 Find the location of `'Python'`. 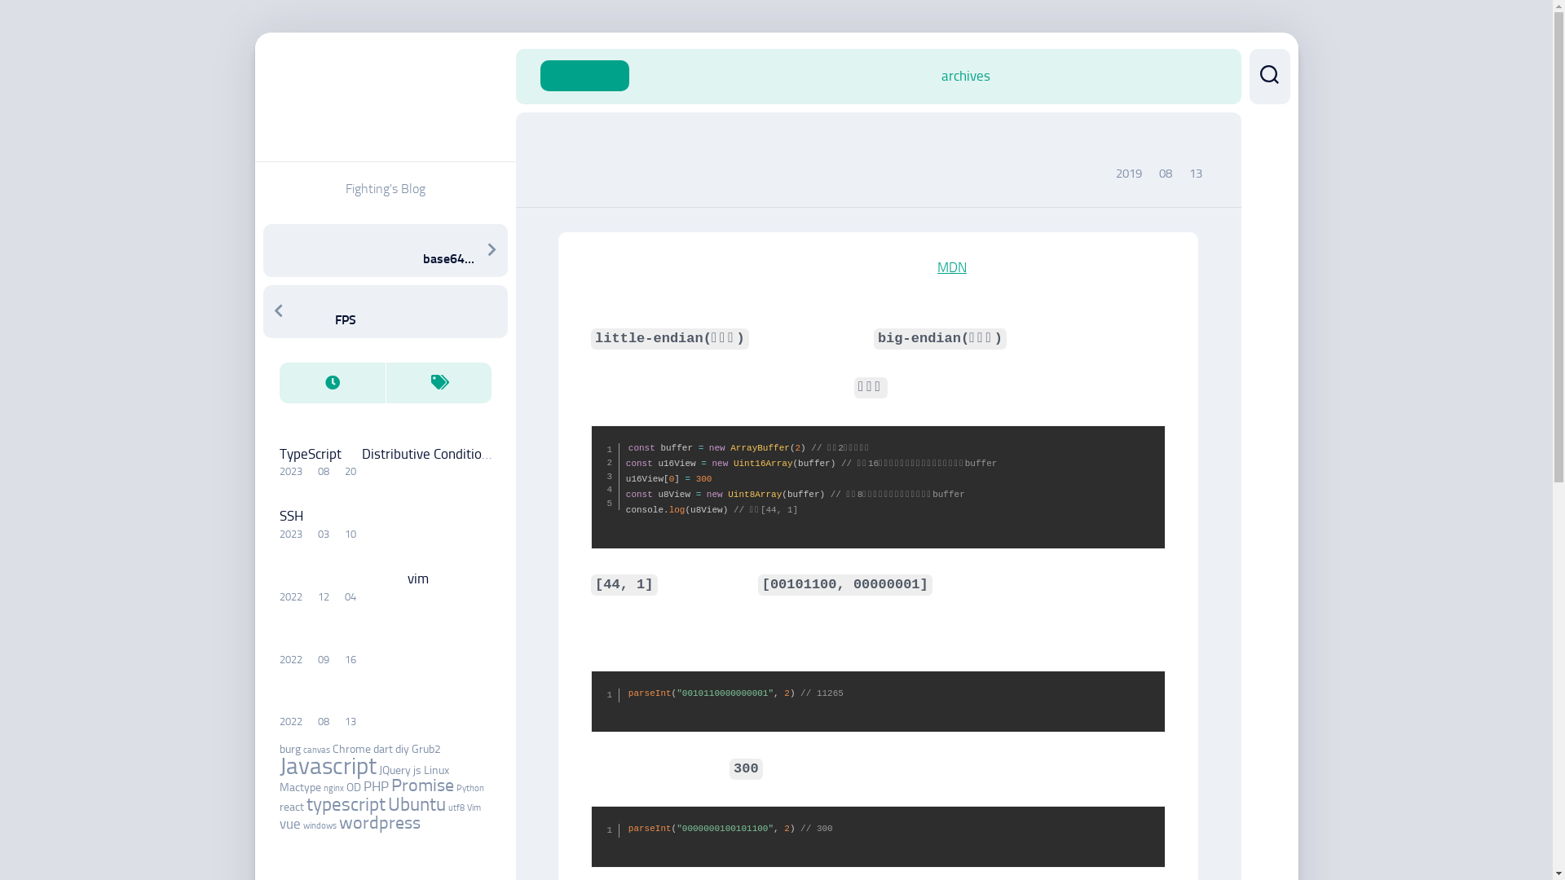

'Python' is located at coordinates (456, 787).